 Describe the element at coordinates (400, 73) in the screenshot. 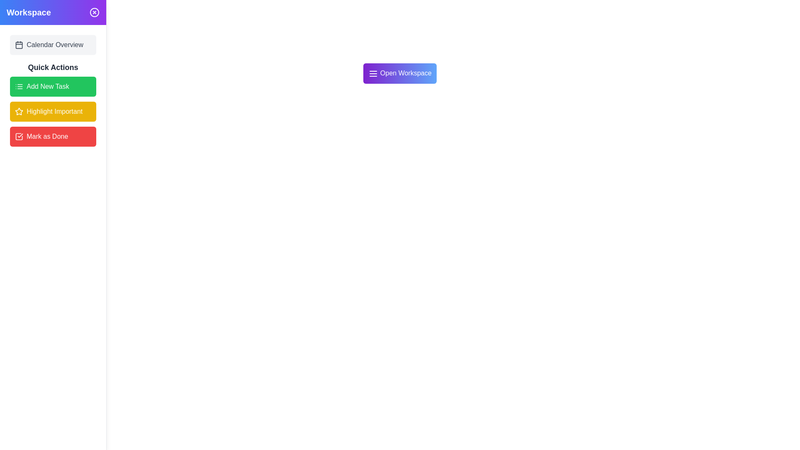

I see `the 'Open Workspace' button, which has a gradient background from deep purple to light blue and contains white text with a menu icon on the left, to potentially reveal additional effects` at that location.